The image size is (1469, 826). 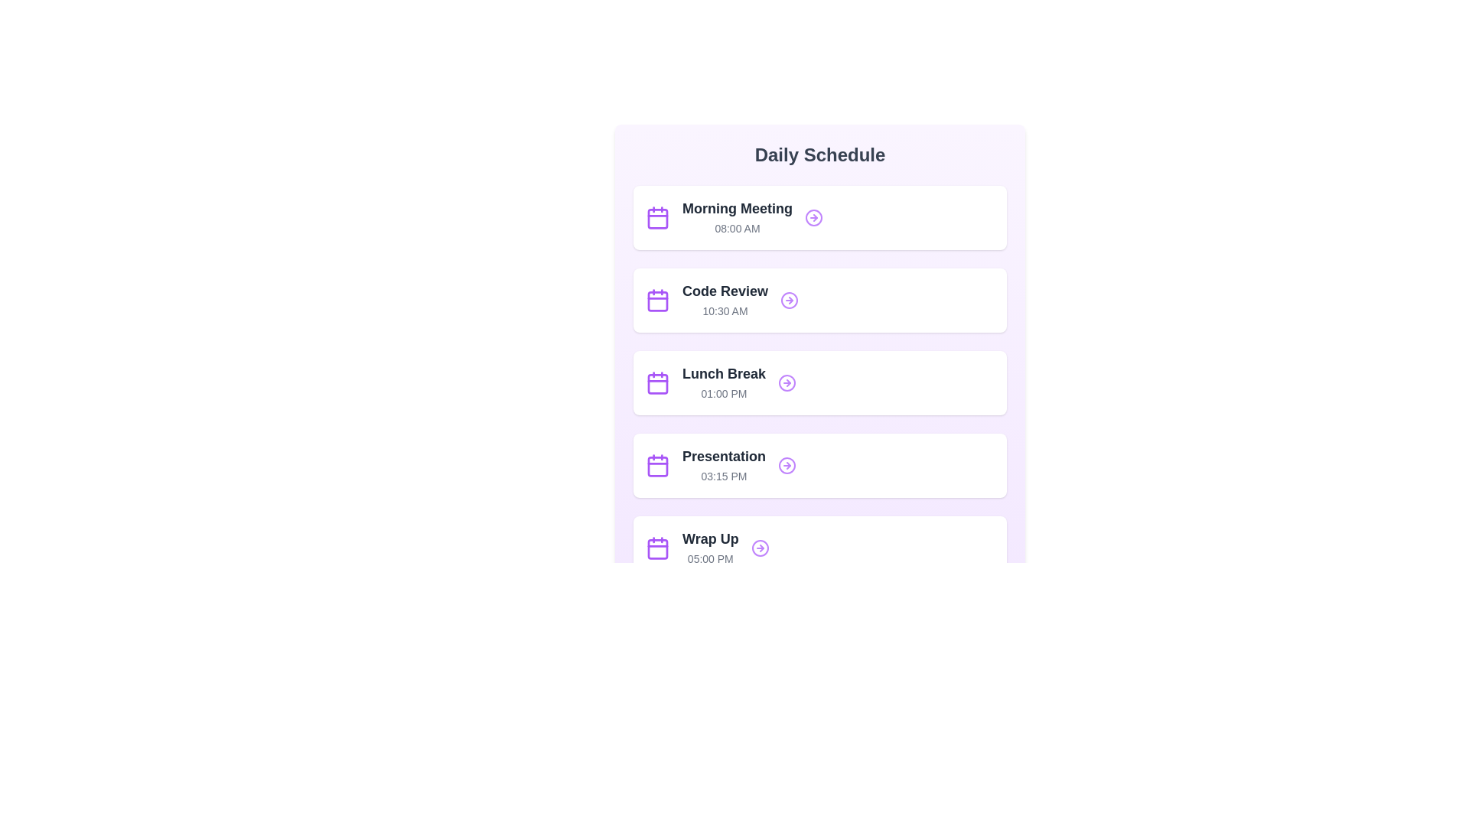 I want to click on the heading text displaying 'Daily Schedule' which is bold and large, positioned at the top of the schedule interface, so click(x=819, y=155).